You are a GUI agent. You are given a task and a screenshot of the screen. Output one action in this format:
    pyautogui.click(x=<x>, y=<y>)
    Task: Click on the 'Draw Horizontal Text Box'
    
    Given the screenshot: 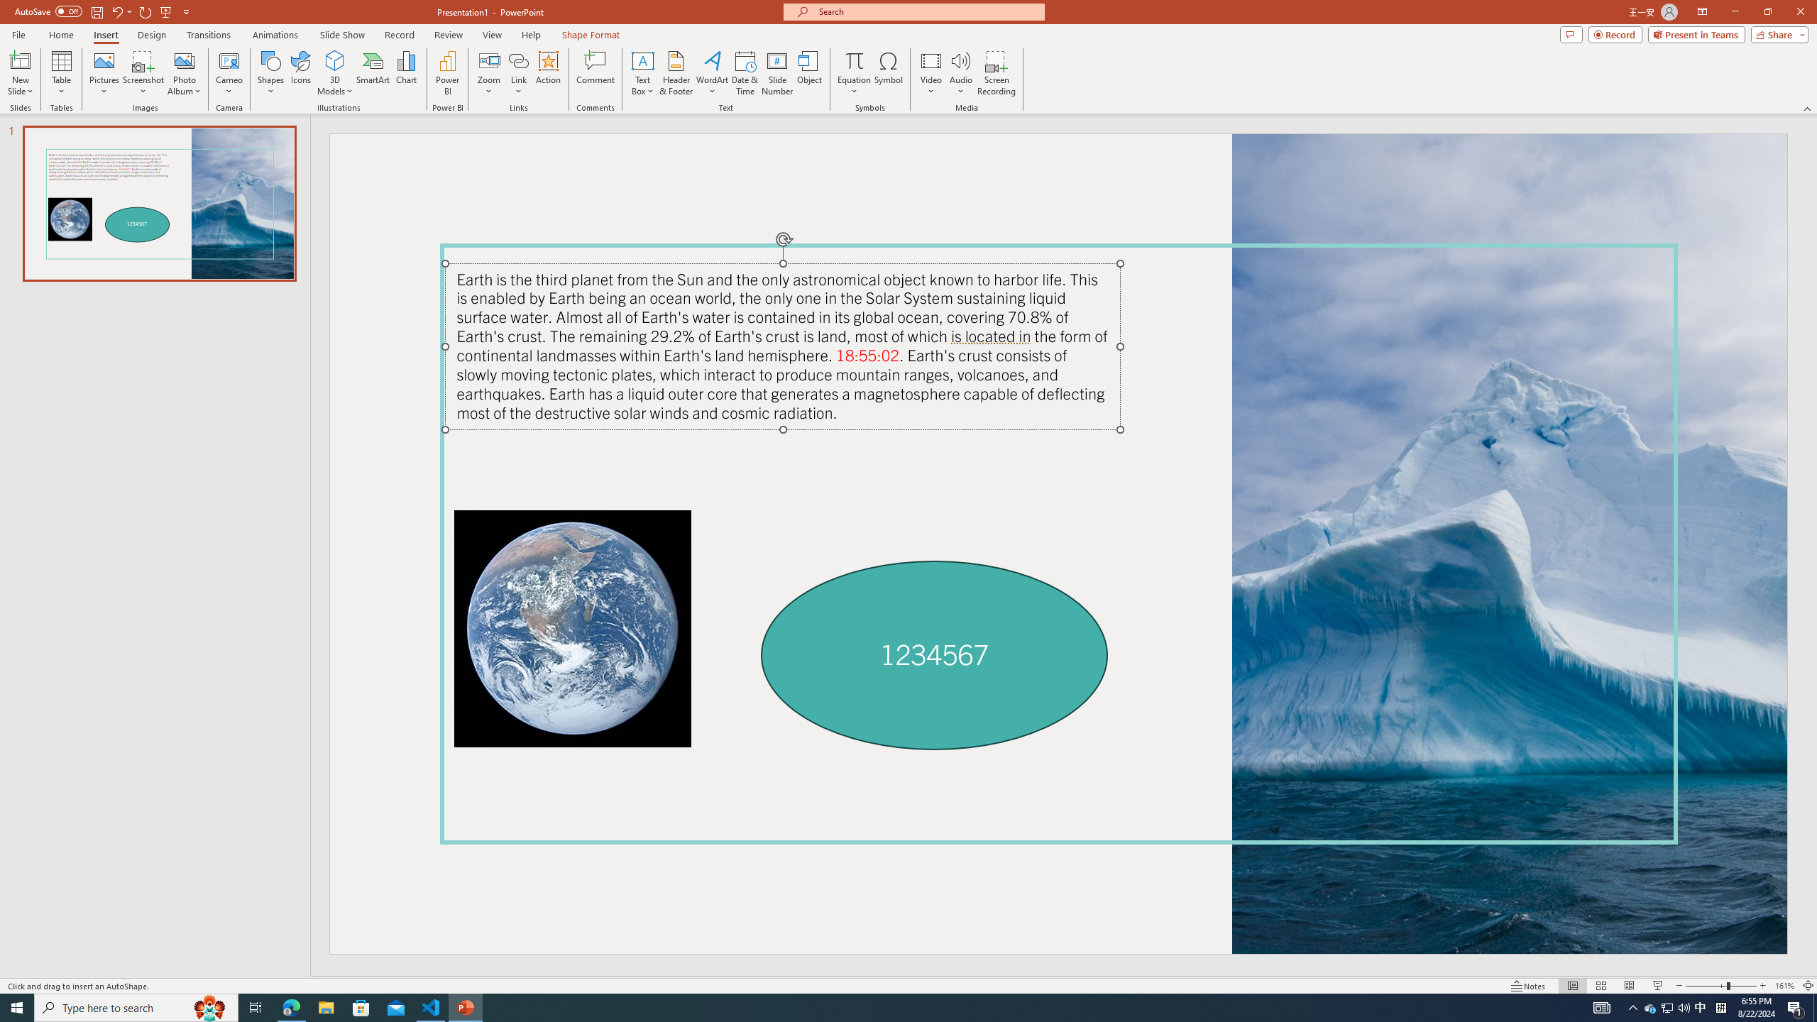 What is the action you would take?
    pyautogui.click(x=642, y=60)
    